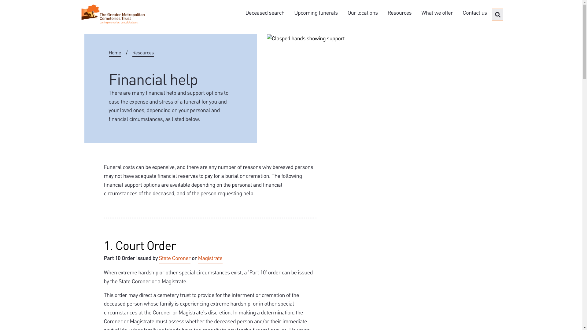 The width and height of the screenshot is (587, 330). What do you see at coordinates (174, 258) in the screenshot?
I see `'State Coroner'` at bounding box center [174, 258].